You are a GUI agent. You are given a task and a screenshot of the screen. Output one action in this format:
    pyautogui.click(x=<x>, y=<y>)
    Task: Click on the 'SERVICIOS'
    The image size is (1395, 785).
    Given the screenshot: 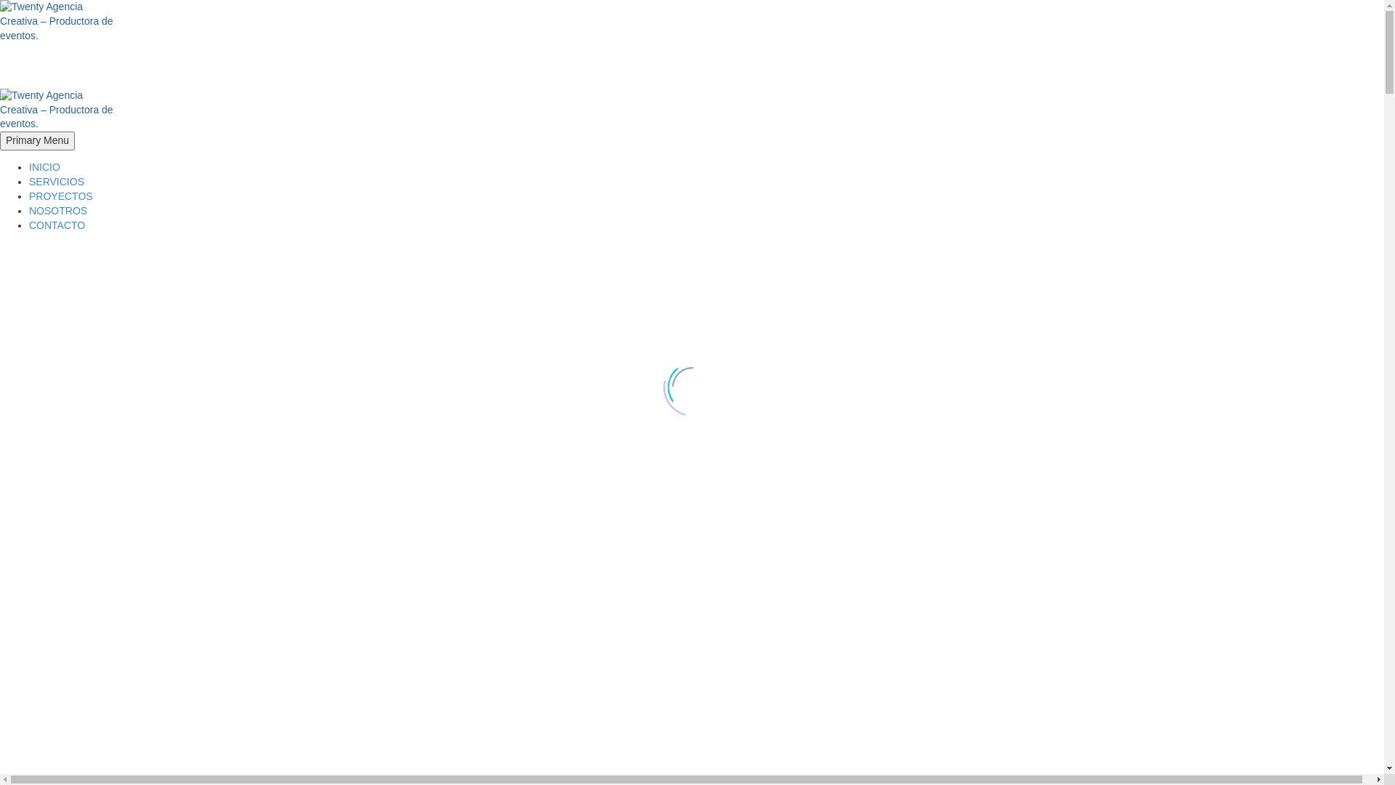 What is the action you would take?
    pyautogui.click(x=56, y=181)
    